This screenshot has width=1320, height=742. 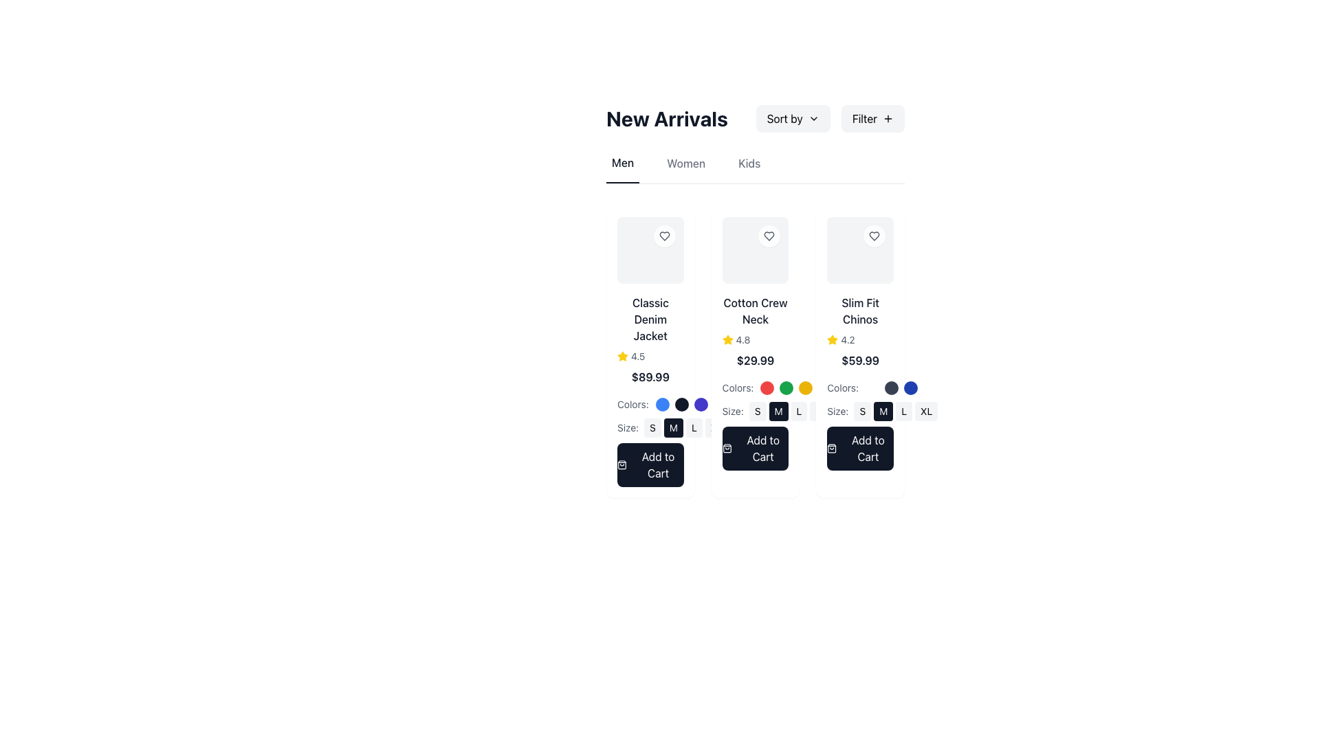 I want to click on the 'Add to Cart' button located at the bottom of the 'Cotton Crew Neck' product card in the third card of the grid layout, so click(x=755, y=448).